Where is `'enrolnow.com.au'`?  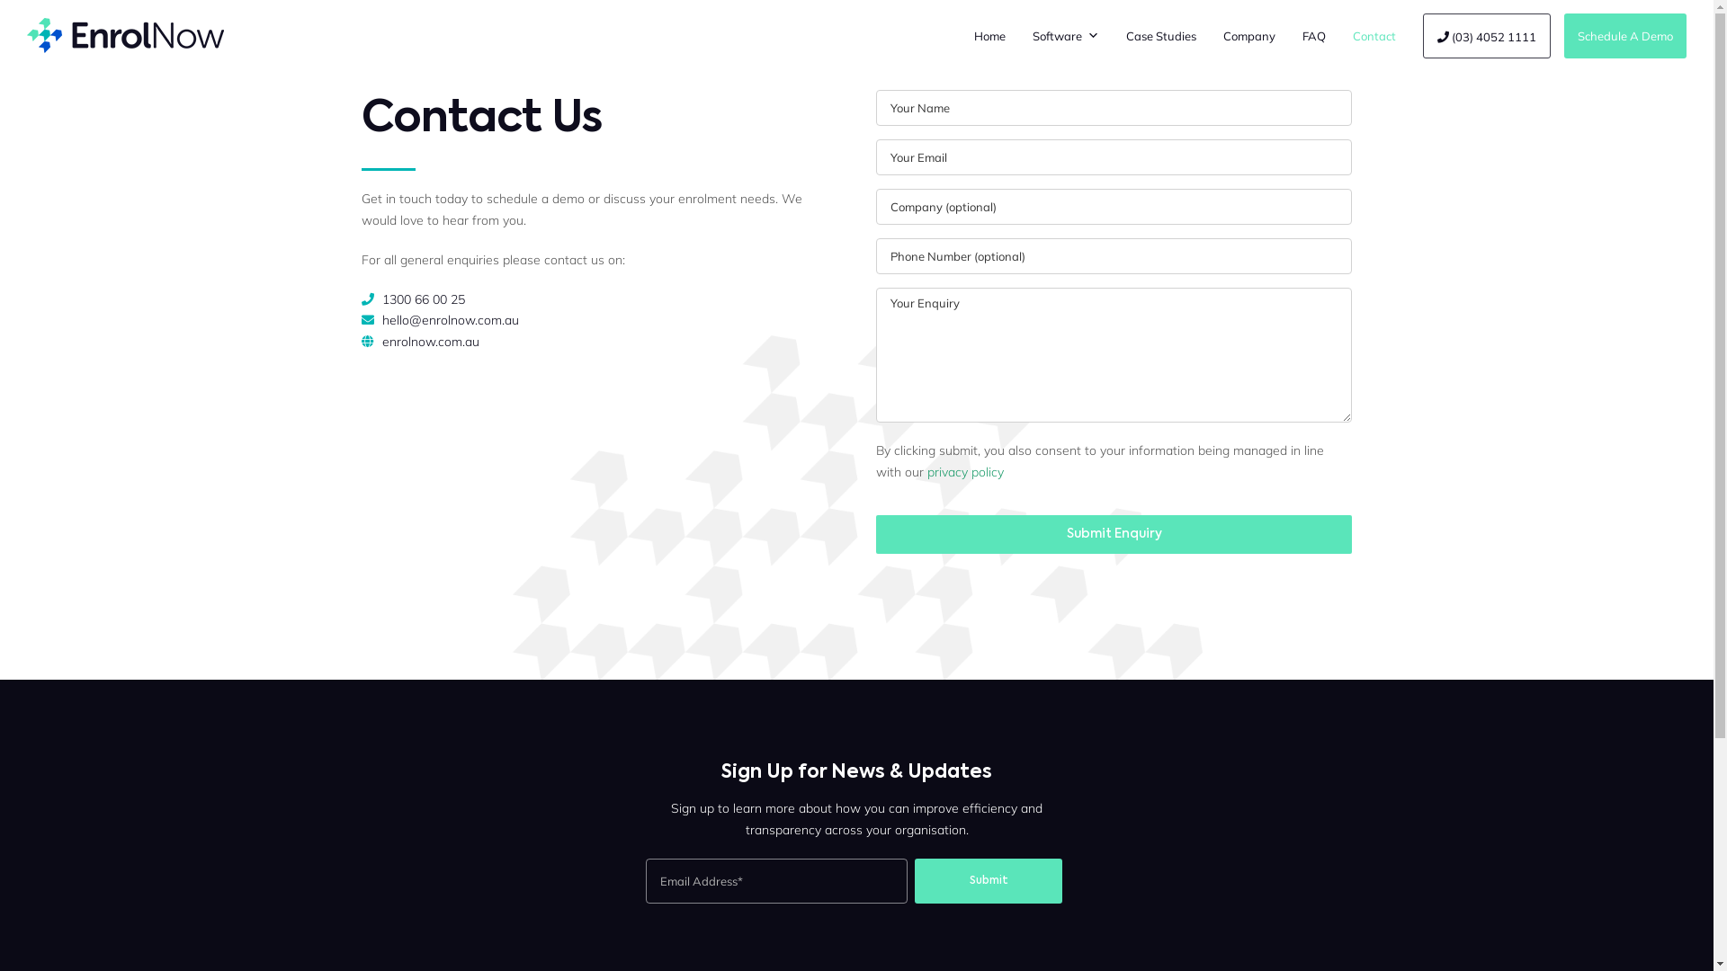
'enrolnow.com.au' is located at coordinates (381, 342).